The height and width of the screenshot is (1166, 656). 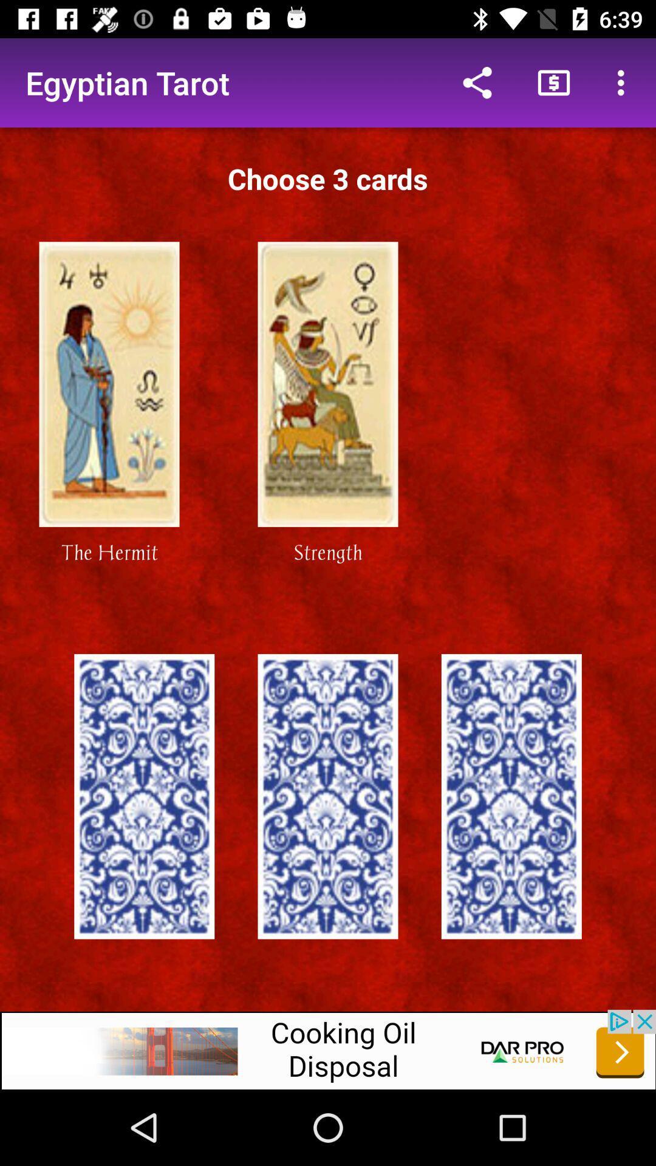 What do you see at coordinates (328, 1049) in the screenshot?
I see `website` at bounding box center [328, 1049].